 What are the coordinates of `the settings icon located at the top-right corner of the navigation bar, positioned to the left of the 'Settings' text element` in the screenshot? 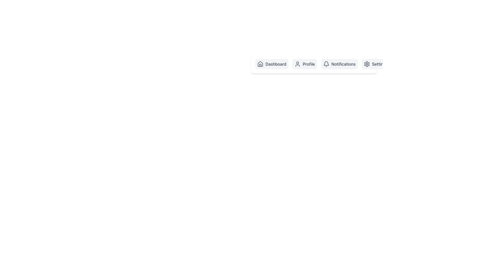 It's located at (366, 64).